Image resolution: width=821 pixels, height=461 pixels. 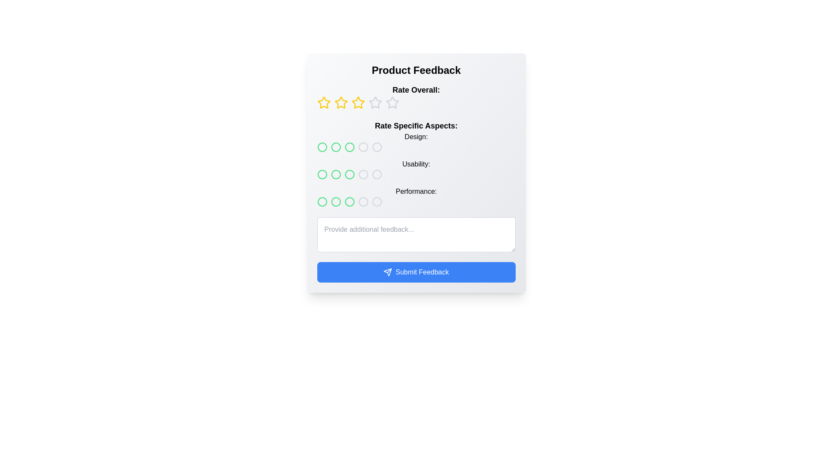 What do you see at coordinates (335, 146) in the screenshot?
I see `the second interactive rating circle under 'Rate Specific Aspects'` at bounding box center [335, 146].